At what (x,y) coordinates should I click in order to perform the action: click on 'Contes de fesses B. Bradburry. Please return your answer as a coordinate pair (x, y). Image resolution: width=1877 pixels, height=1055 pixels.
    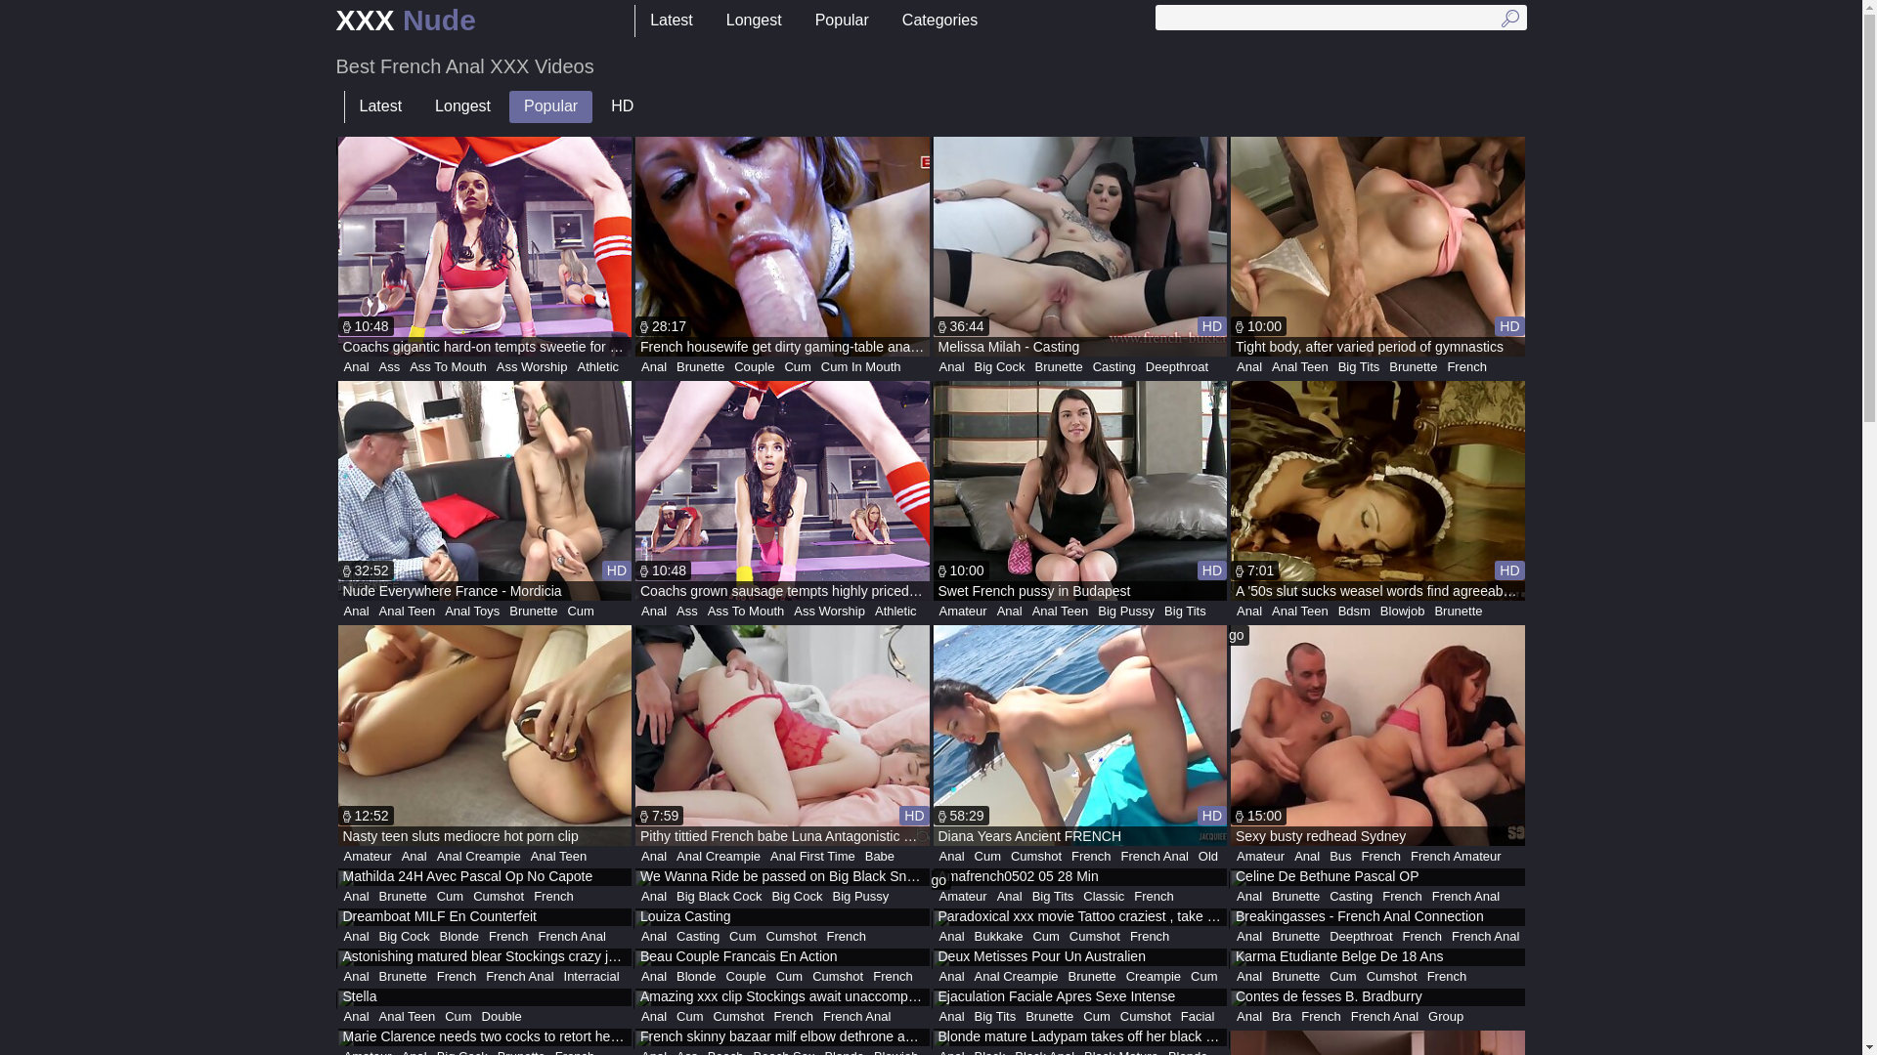
    Looking at the image, I should click on (1376, 998).